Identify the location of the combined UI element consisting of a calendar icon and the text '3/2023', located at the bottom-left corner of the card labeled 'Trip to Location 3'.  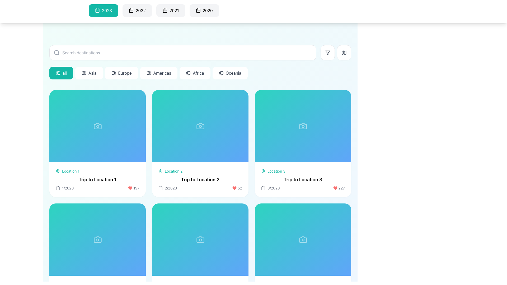
(270, 188).